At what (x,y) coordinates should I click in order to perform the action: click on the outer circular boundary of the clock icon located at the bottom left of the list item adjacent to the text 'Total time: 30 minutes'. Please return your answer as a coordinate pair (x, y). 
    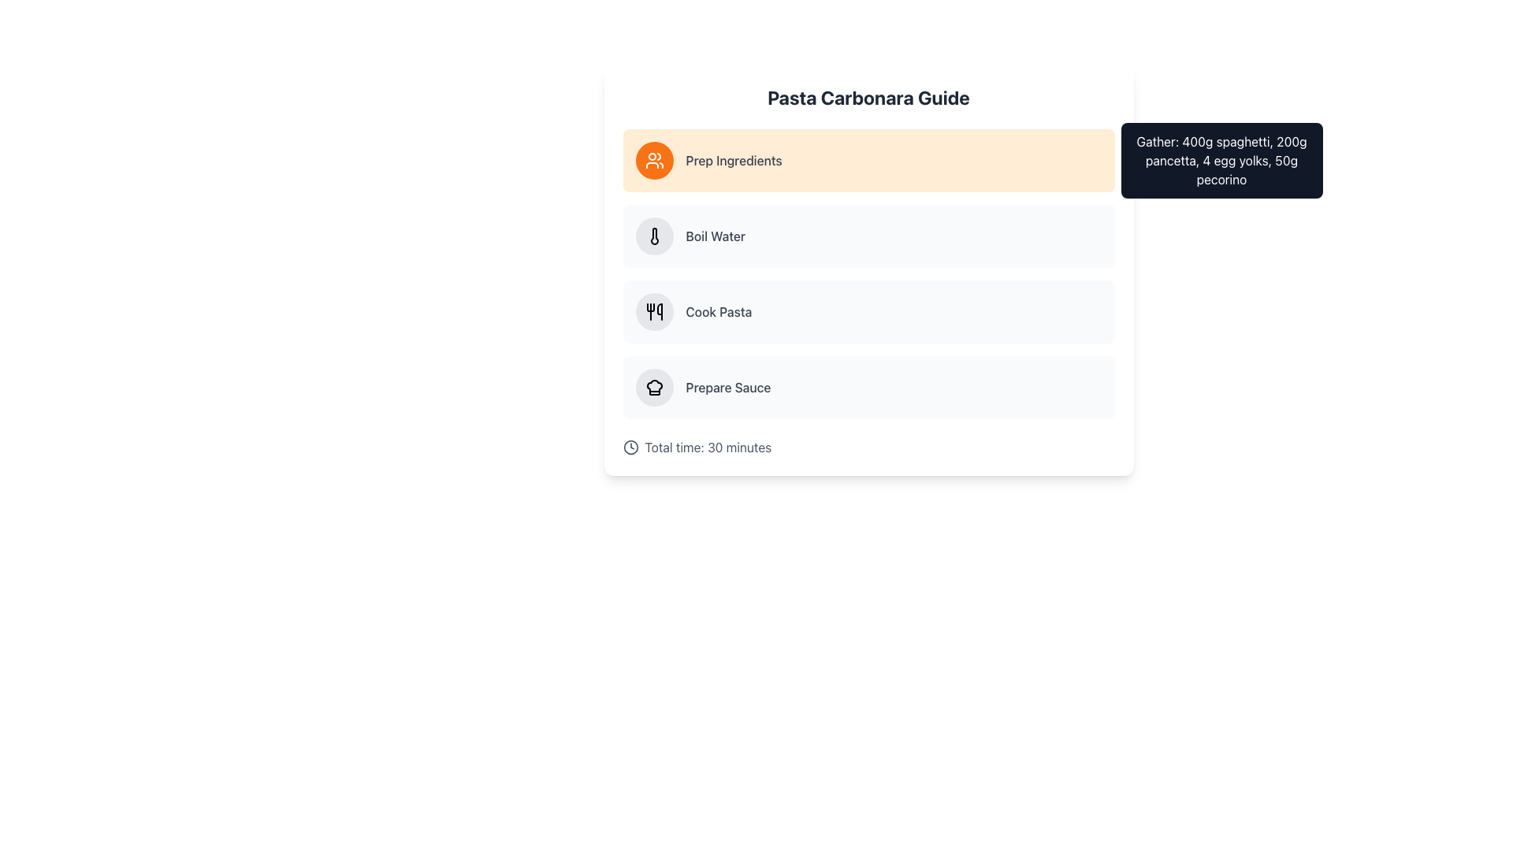
    Looking at the image, I should click on (630, 447).